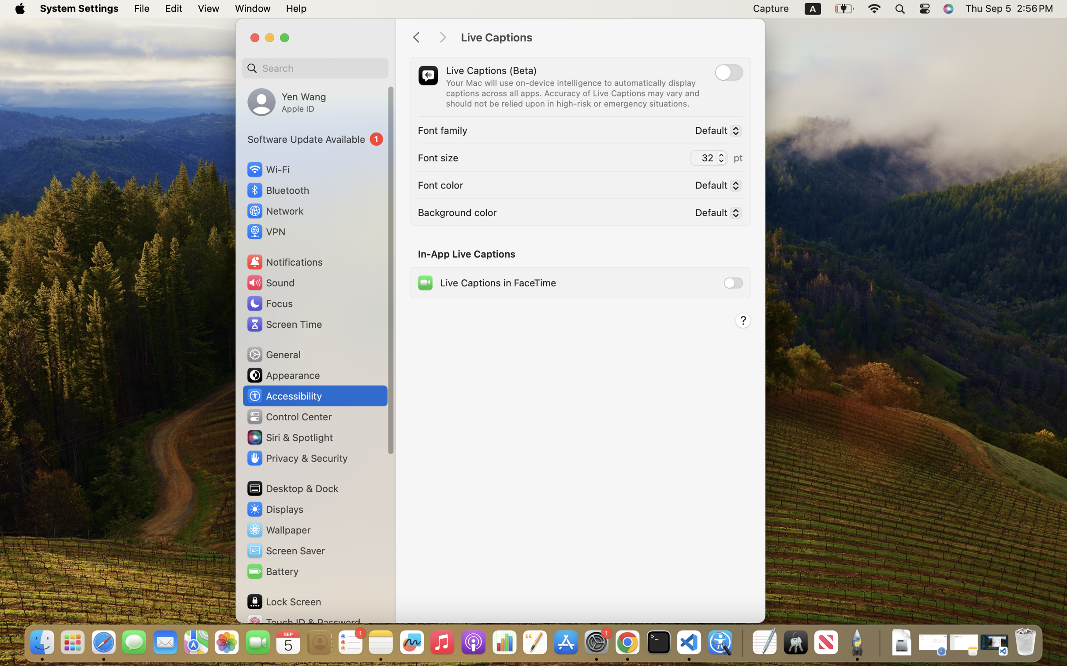 This screenshot has height=666, width=1067. What do you see at coordinates (285, 551) in the screenshot?
I see `'Screen Saver'` at bounding box center [285, 551].